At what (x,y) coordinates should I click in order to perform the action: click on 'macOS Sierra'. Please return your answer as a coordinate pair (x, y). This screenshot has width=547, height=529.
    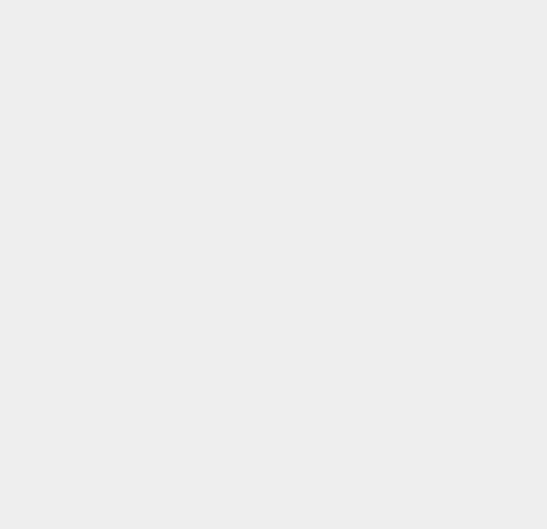
    Looking at the image, I should click on (408, 320).